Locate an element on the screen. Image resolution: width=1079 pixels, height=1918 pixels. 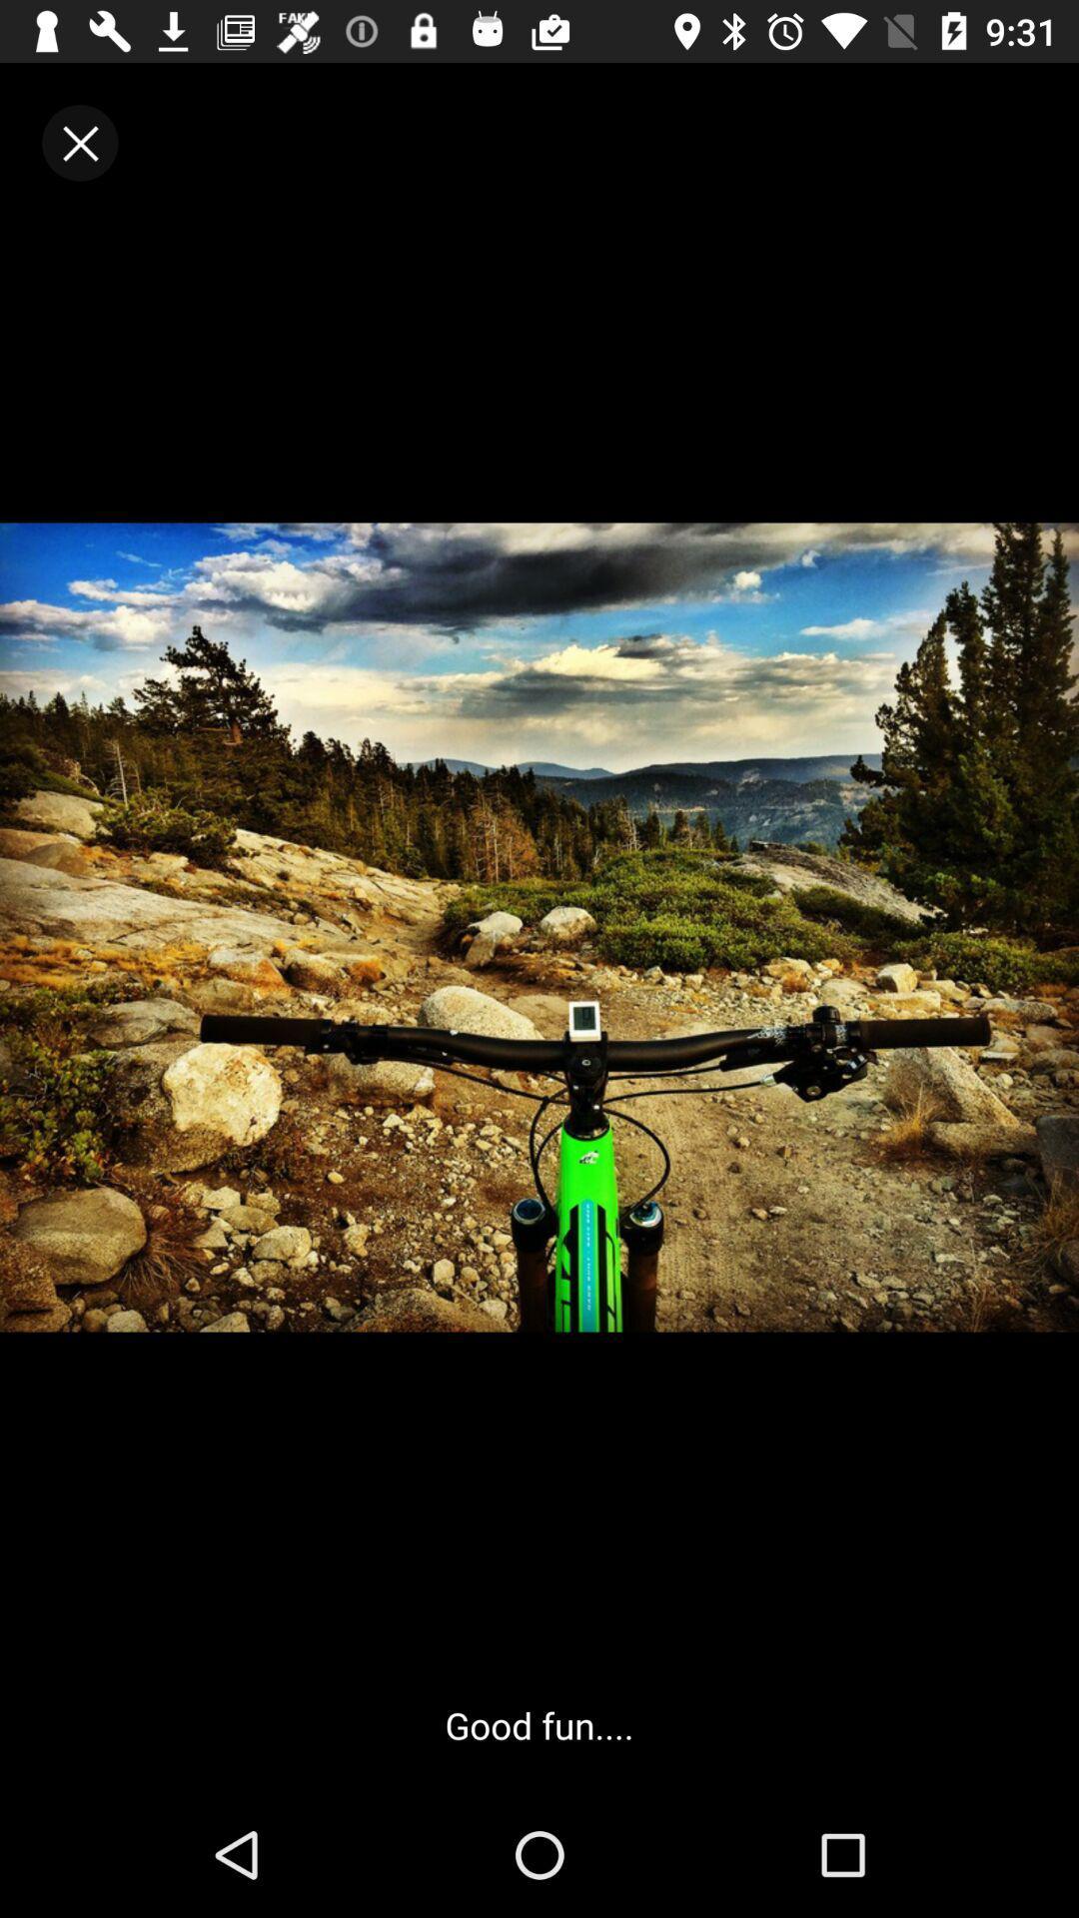
the close icon is located at coordinates (79, 142).